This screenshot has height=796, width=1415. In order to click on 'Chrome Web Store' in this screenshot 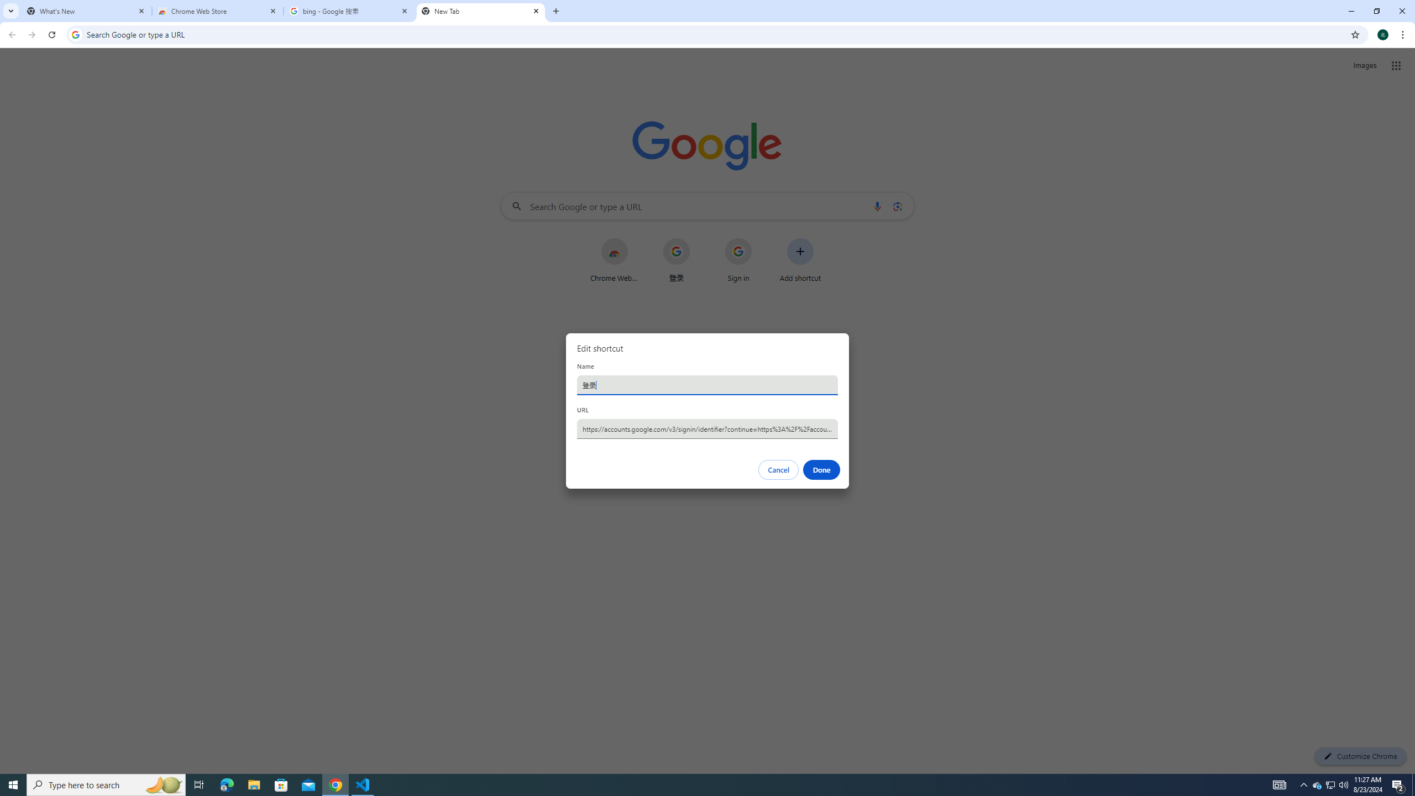, I will do `click(218, 11)`.